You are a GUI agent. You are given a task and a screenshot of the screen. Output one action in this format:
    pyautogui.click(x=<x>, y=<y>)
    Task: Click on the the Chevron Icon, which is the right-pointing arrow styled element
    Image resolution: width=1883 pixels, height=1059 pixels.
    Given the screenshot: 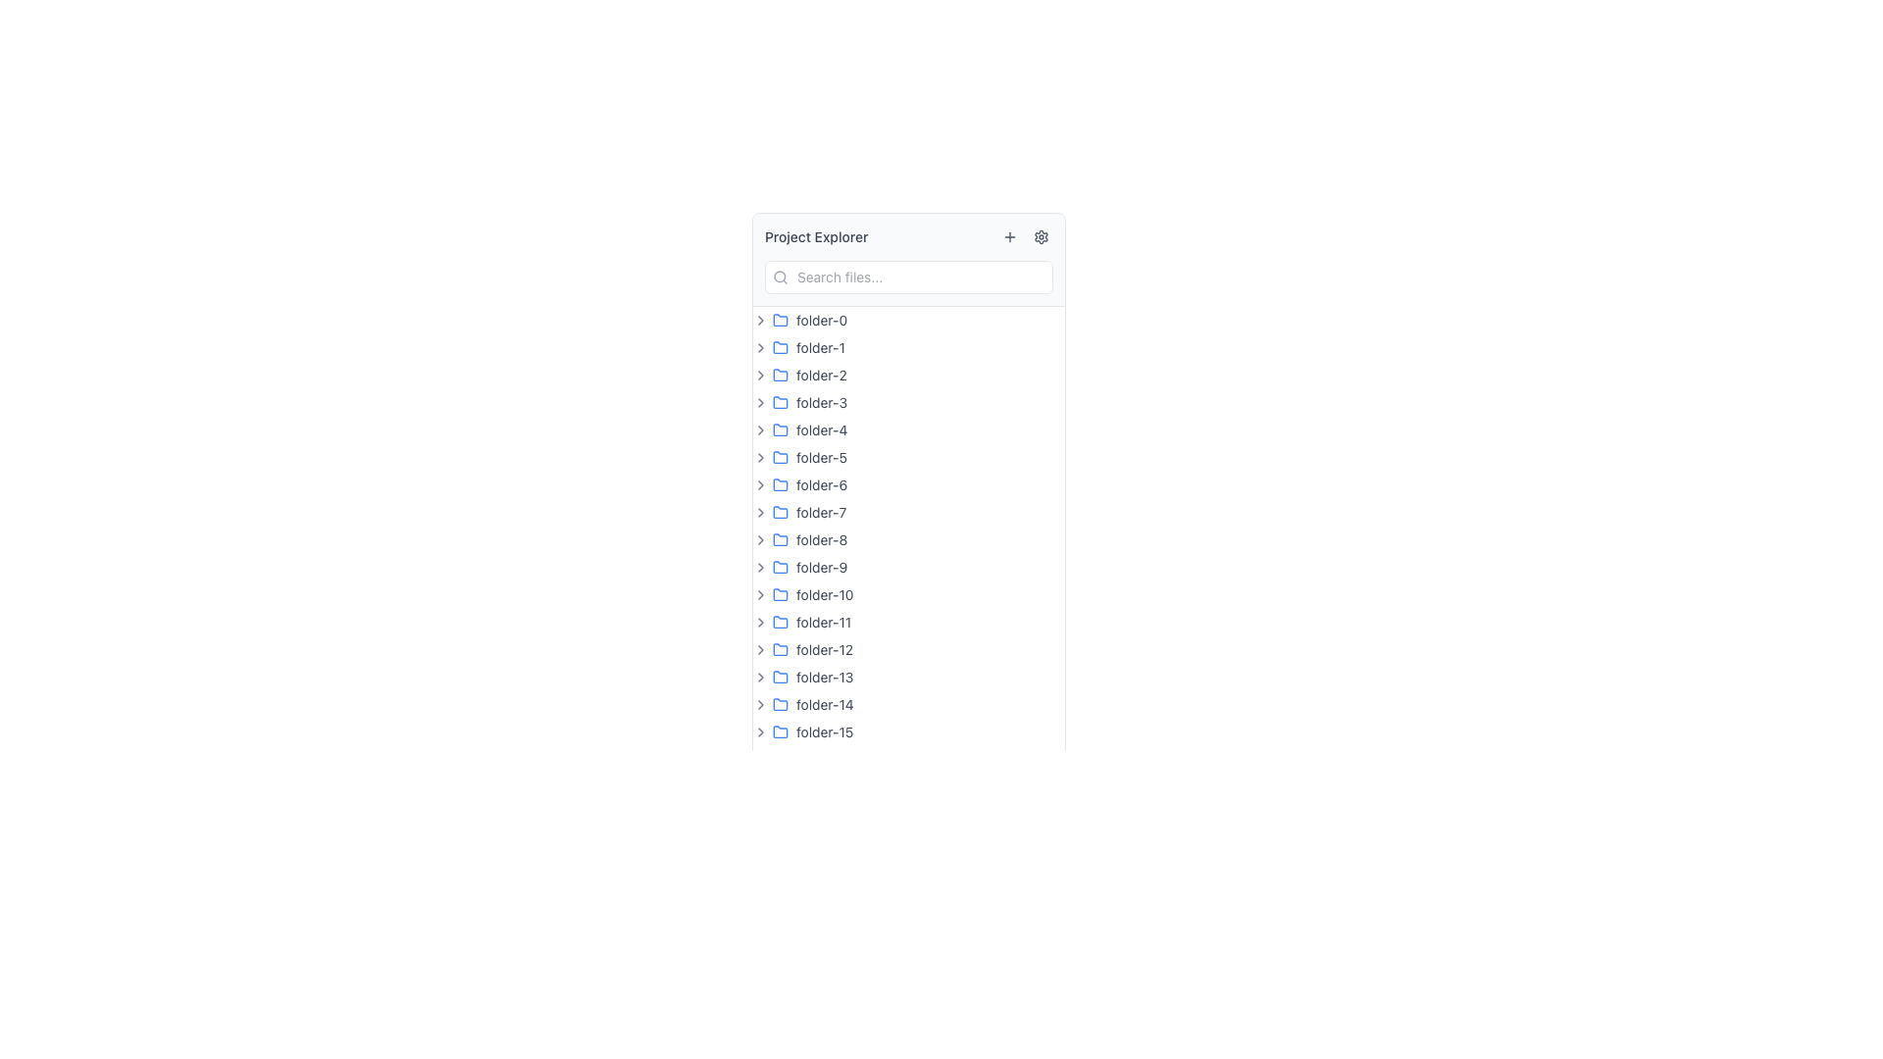 What is the action you would take?
    pyautogui.click(x=760, y=623)
    